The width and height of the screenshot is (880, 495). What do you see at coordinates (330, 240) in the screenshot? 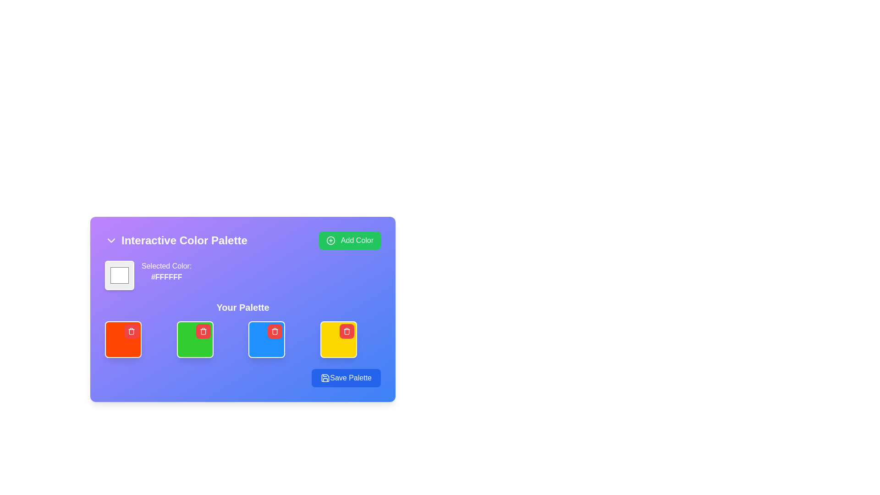
I see `the circular icon with a green background and a white '+' symbol, which is located within the 'Add Color' button in the top-right corner of the interactive color palette section` at bounding box center [330, 240].